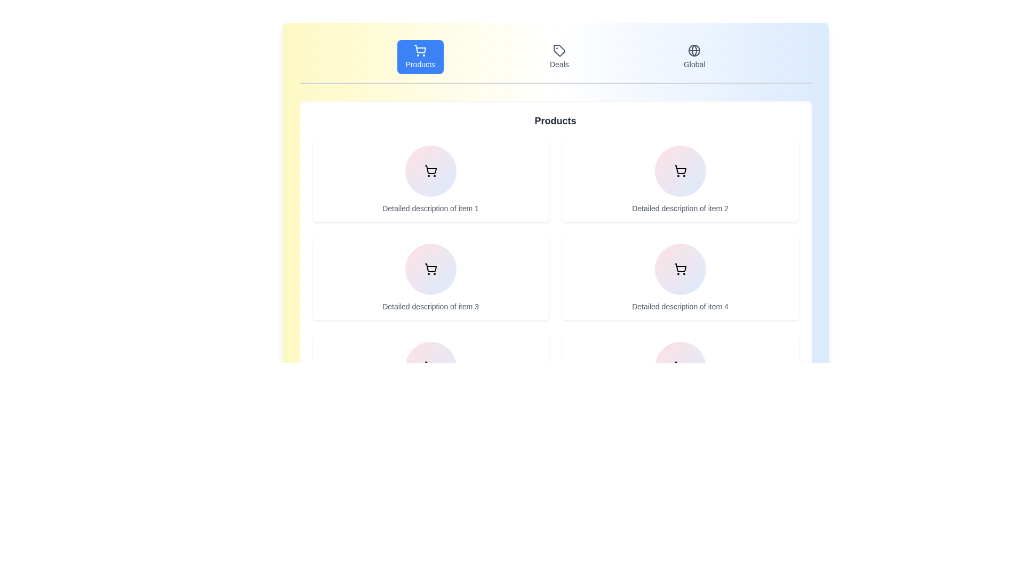 The height and width of the screenshot is (576, 1024). What do you see at coordinates (420, 57) in the screenshot?
I see `the Products tab by clicking on the corresponding button` at bounding box center [420, 57].